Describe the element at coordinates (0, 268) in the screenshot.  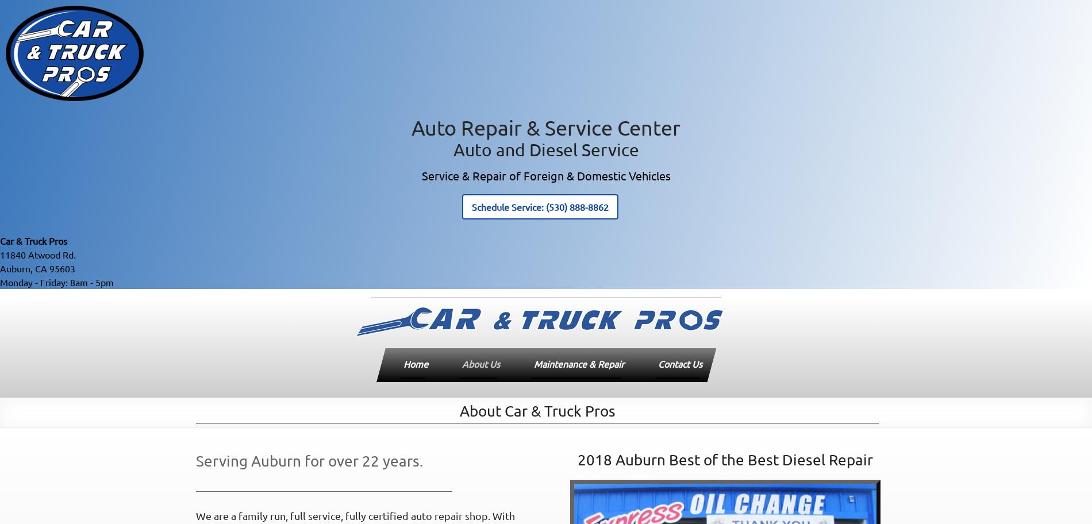
I see `'Auburn, CA 95603'` at that location.